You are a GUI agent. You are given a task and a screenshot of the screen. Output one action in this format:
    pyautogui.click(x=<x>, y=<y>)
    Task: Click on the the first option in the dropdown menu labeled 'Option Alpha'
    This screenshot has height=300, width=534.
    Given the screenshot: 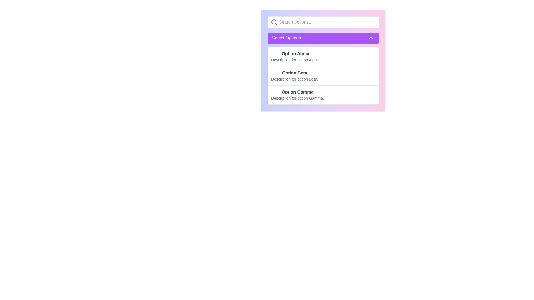 What is the action you would take?
    pyautogui.click(x=323, y=57)
    